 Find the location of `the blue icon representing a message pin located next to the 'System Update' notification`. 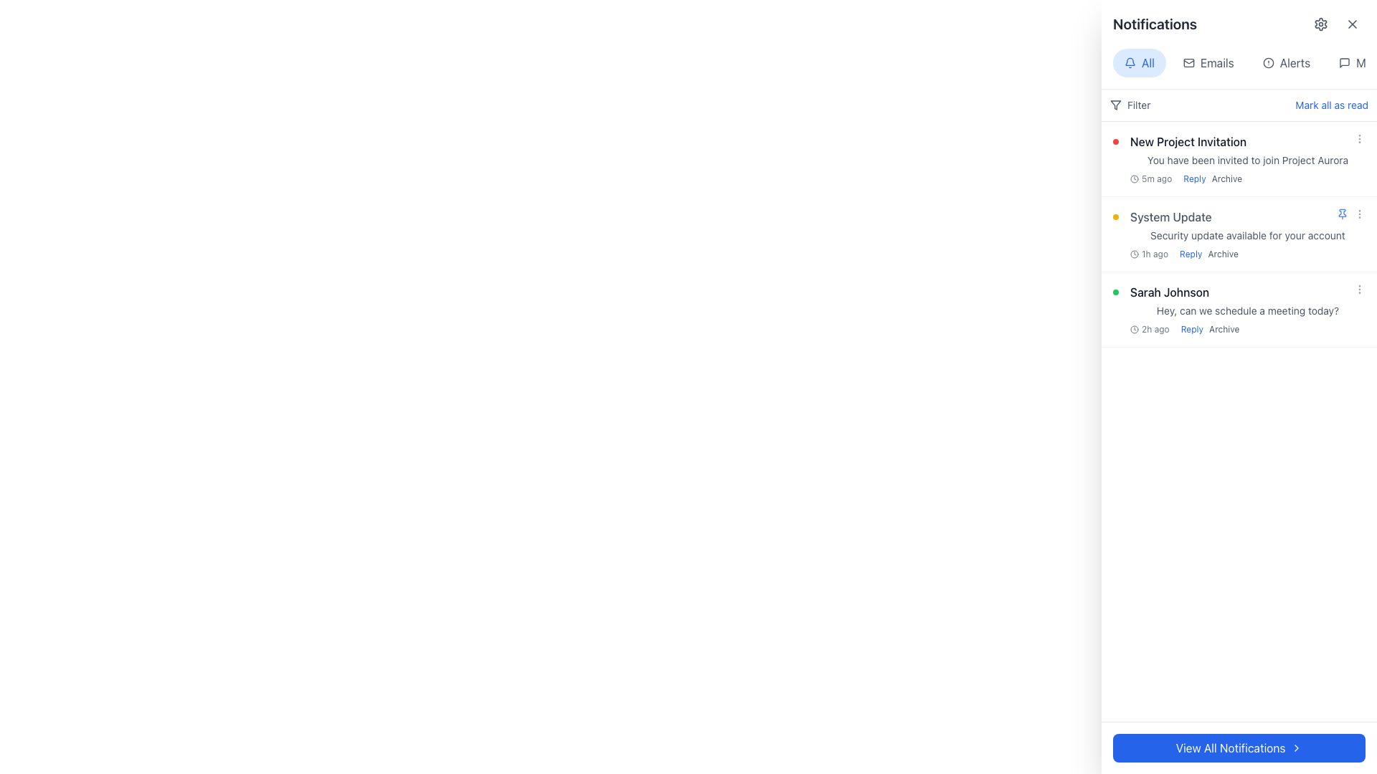

the blue icon representing a message pin located next to the 'System Update' notification is located at coordinates (1342, 213).